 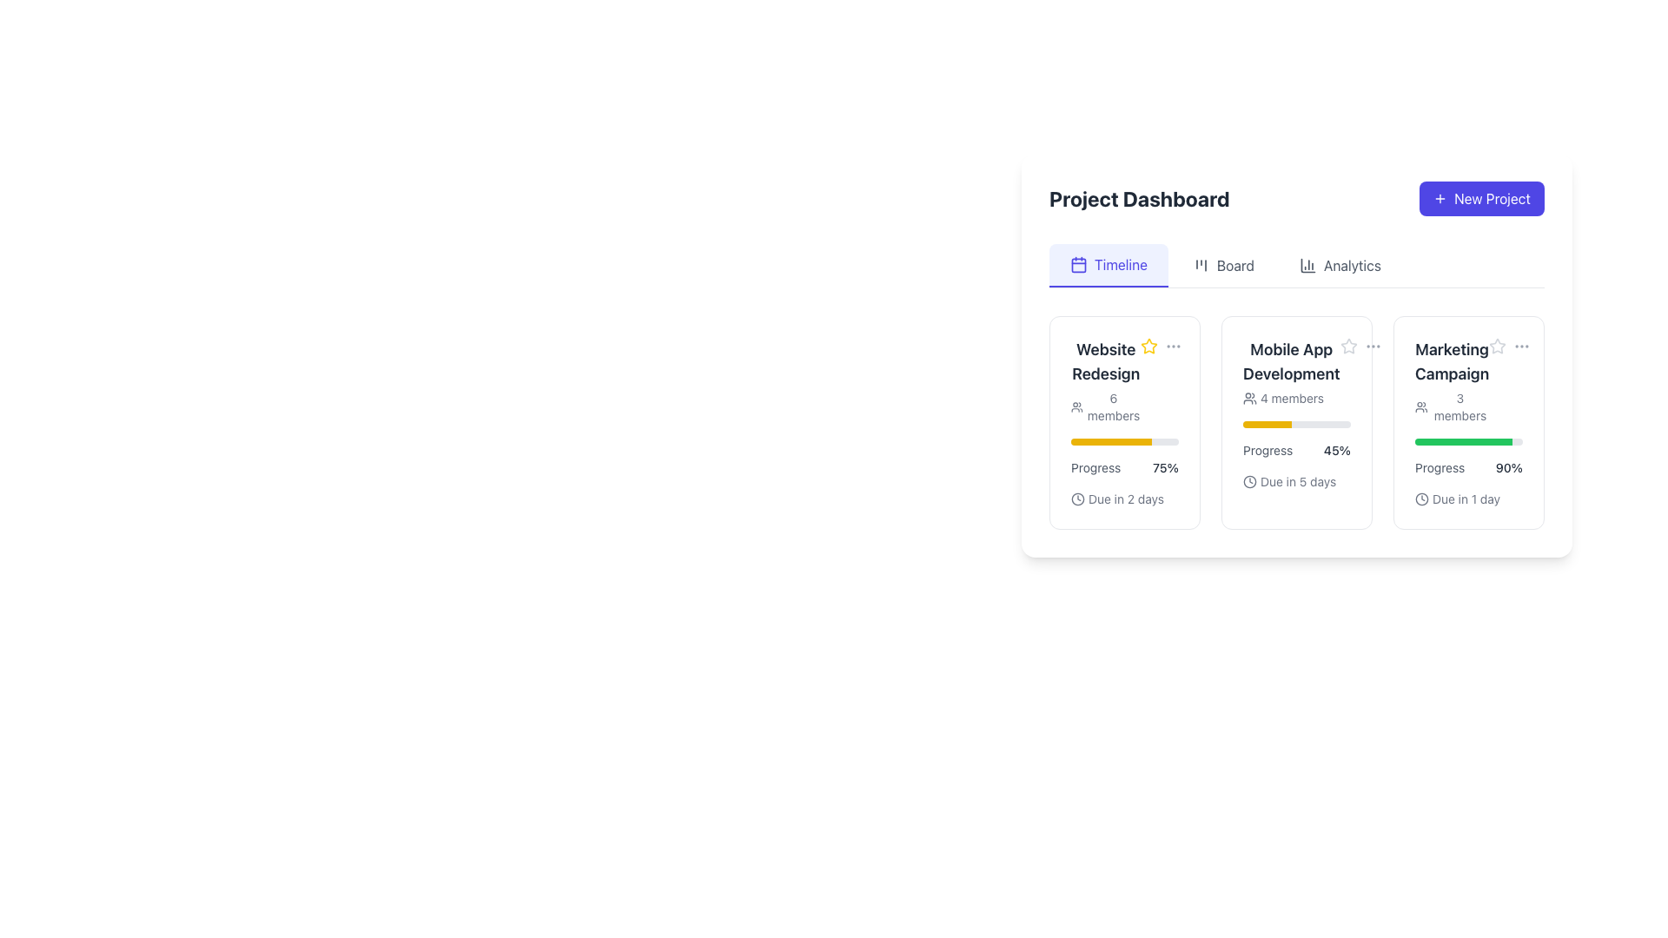 What do you see at coordinates (1521, 346) in the screenshot?
I see `the options menu icon, which is a small icon with three horizontally aligned gray dots located in the top-right corner of the 'Marketing Campaign' card` at bounding box center [1521, 346].